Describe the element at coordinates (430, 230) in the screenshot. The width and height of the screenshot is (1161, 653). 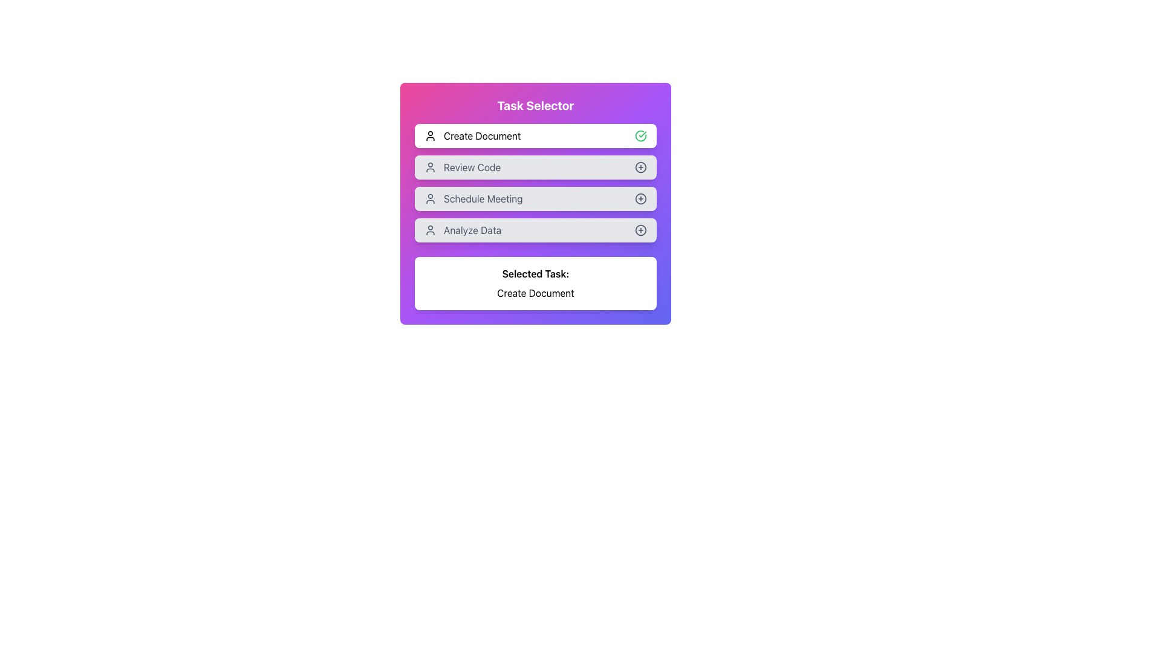
I see `the leftmost icon in the 'Analyze Data' row, which represents user functionality` at that location.